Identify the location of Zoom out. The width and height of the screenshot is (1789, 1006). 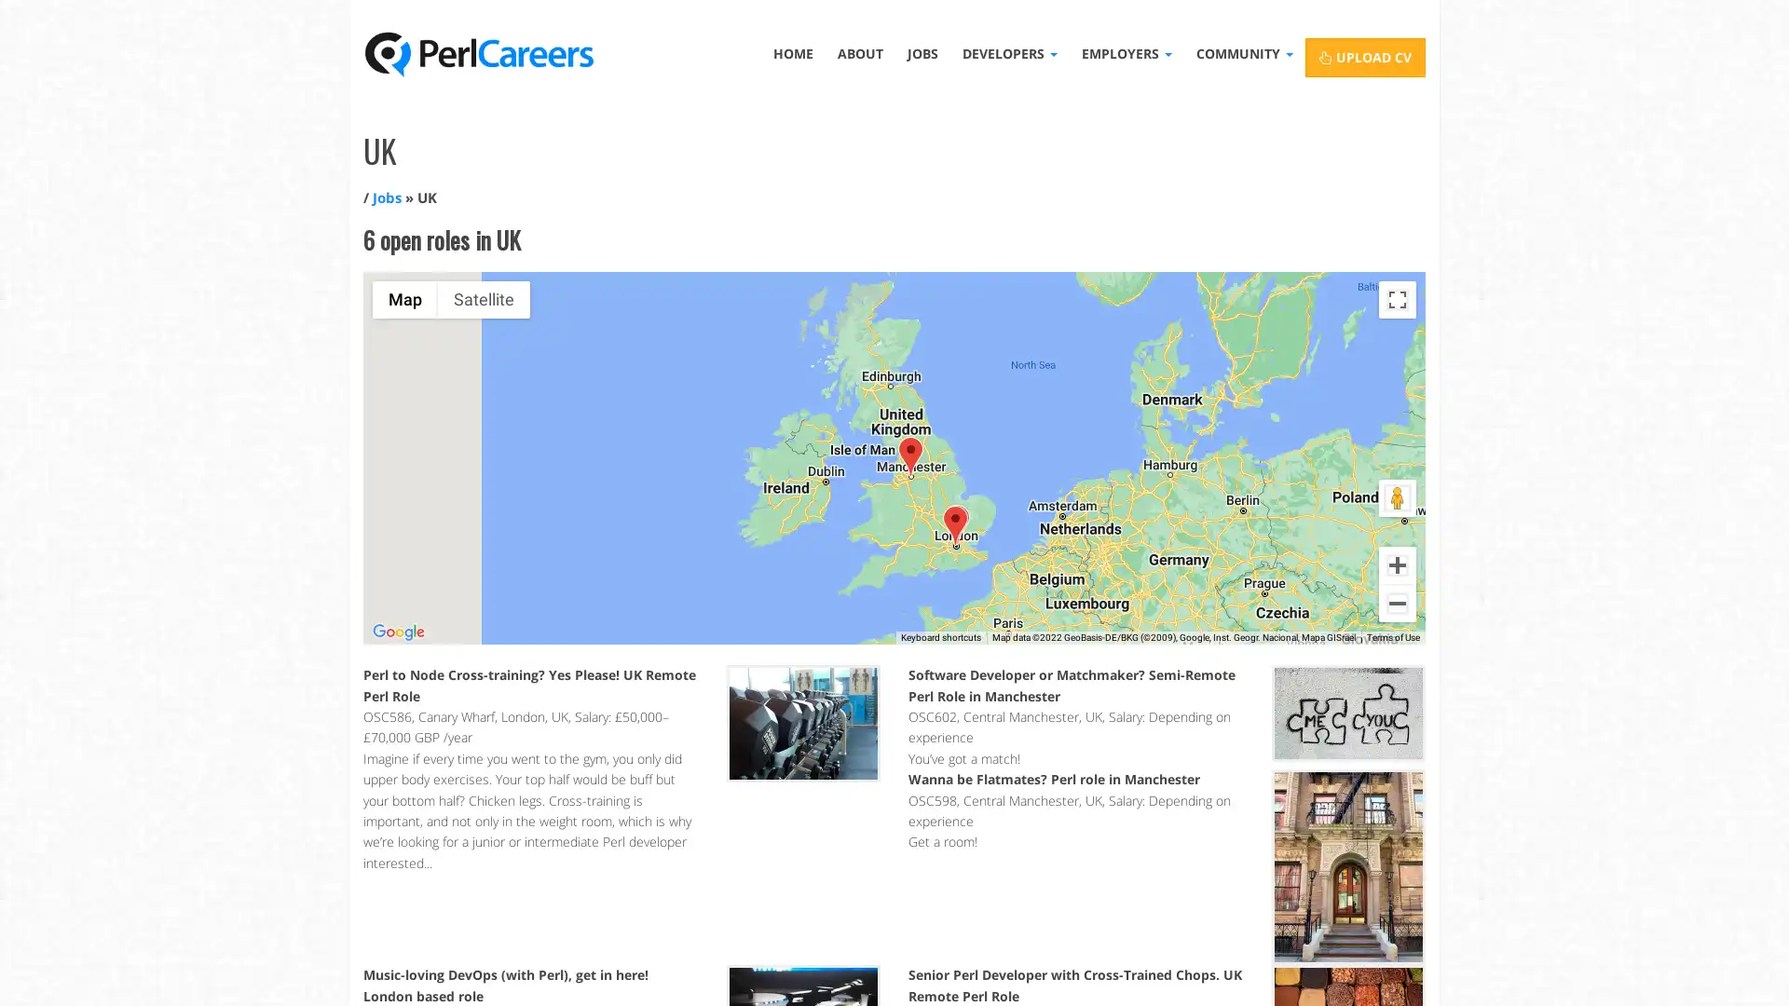
(1397, 603).